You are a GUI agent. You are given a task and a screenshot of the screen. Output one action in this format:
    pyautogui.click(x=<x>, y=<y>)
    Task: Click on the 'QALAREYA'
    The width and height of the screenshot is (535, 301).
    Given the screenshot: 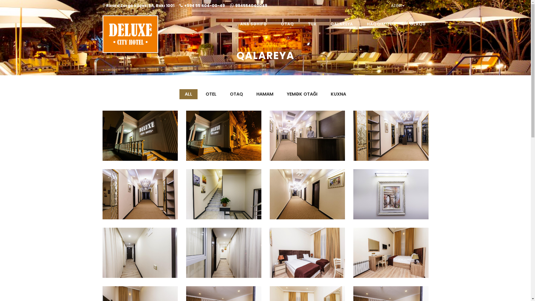 What is the action you would take?
    pyautogui.click(x=330, y=23)
    